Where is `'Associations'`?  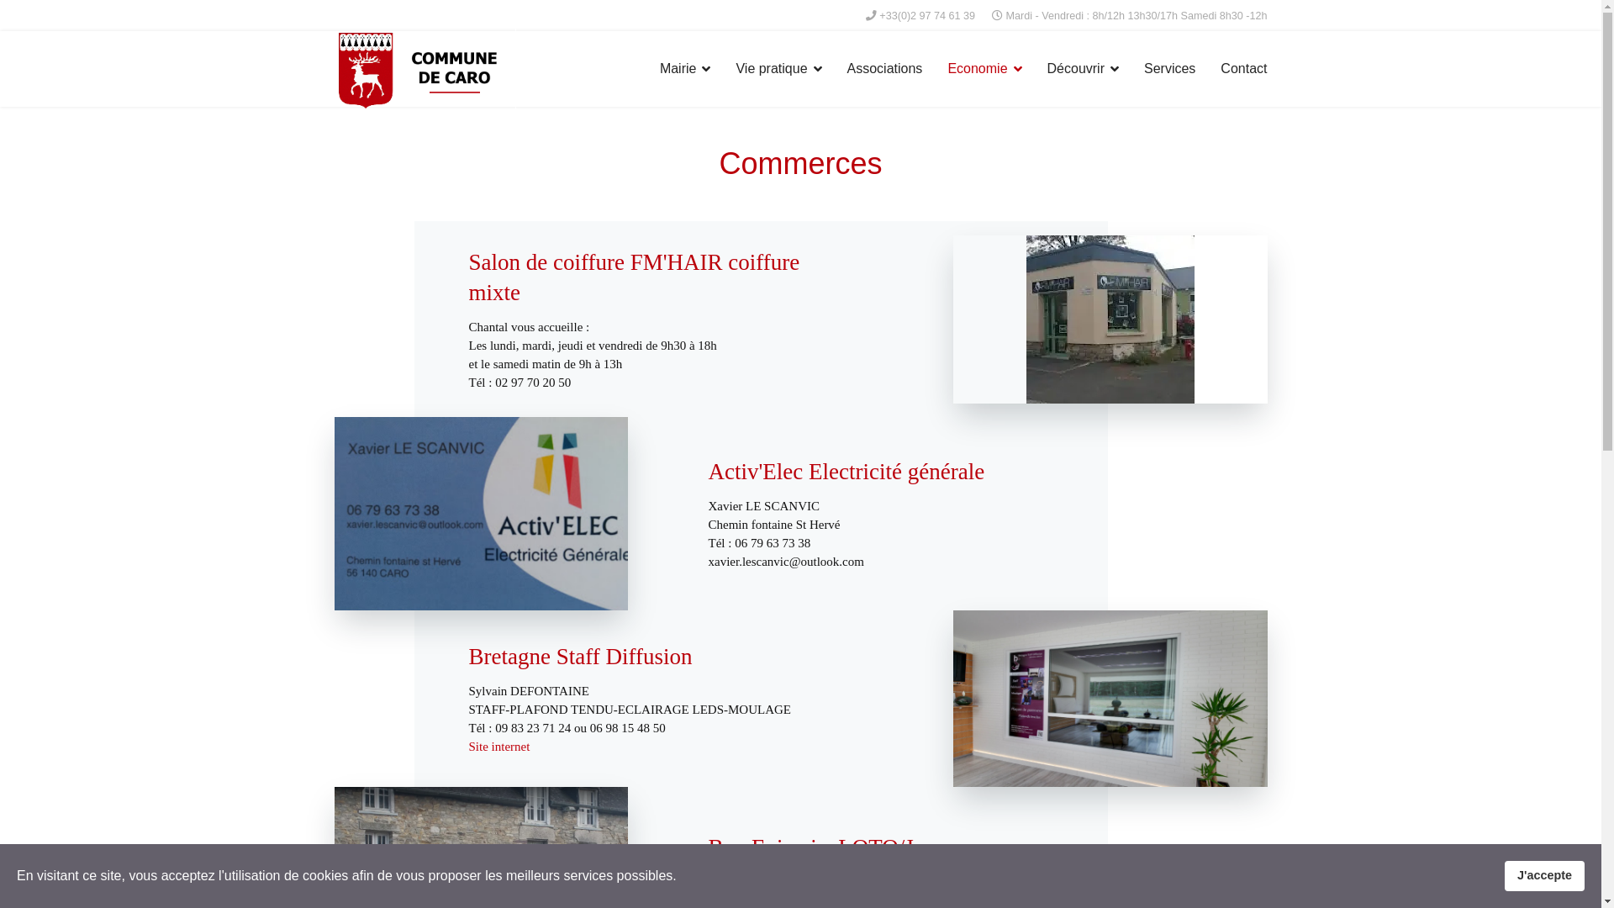 'Associations' is located at coordinates (883, 67).